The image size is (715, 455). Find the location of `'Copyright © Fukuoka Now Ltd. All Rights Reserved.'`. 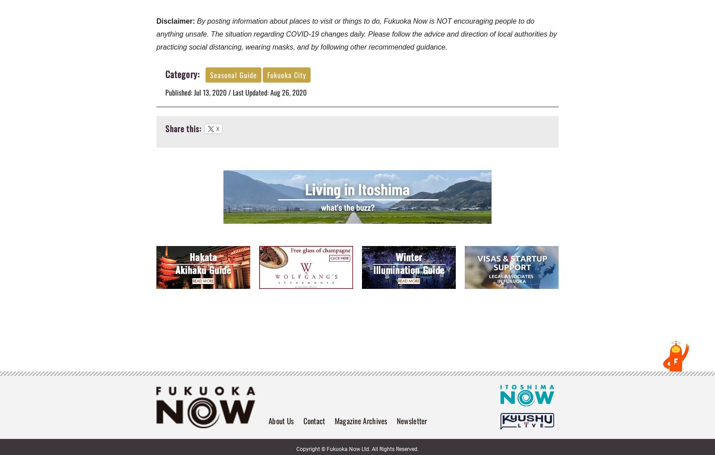

'Copyright © Fukuoka Now Ltd. All Rights Reserved.' is located at coordinates (357, 449).